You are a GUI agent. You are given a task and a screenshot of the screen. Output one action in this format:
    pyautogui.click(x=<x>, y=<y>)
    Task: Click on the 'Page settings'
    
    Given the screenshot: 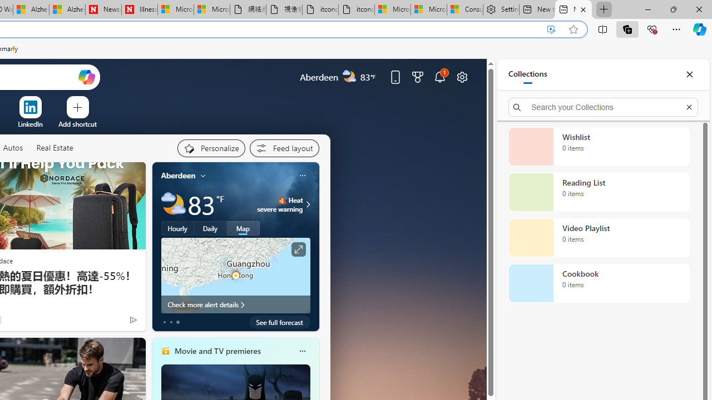 What is the action you would take?
    pyautogui.click(x=462, y=76)
    